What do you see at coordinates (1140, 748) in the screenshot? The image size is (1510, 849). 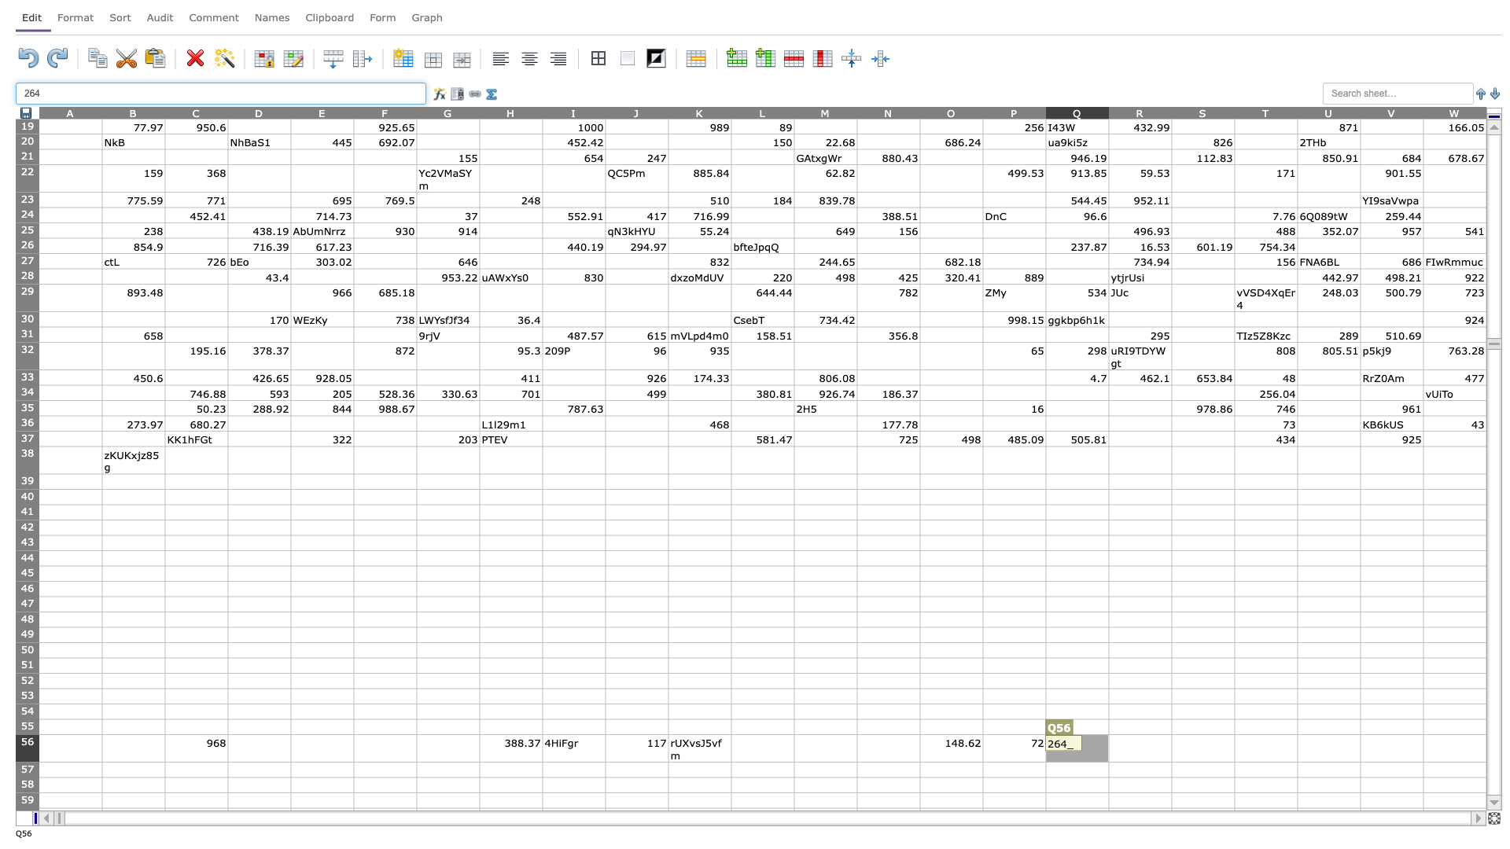 I see `Place cursor in R56` at bounding box center [1140, 748].